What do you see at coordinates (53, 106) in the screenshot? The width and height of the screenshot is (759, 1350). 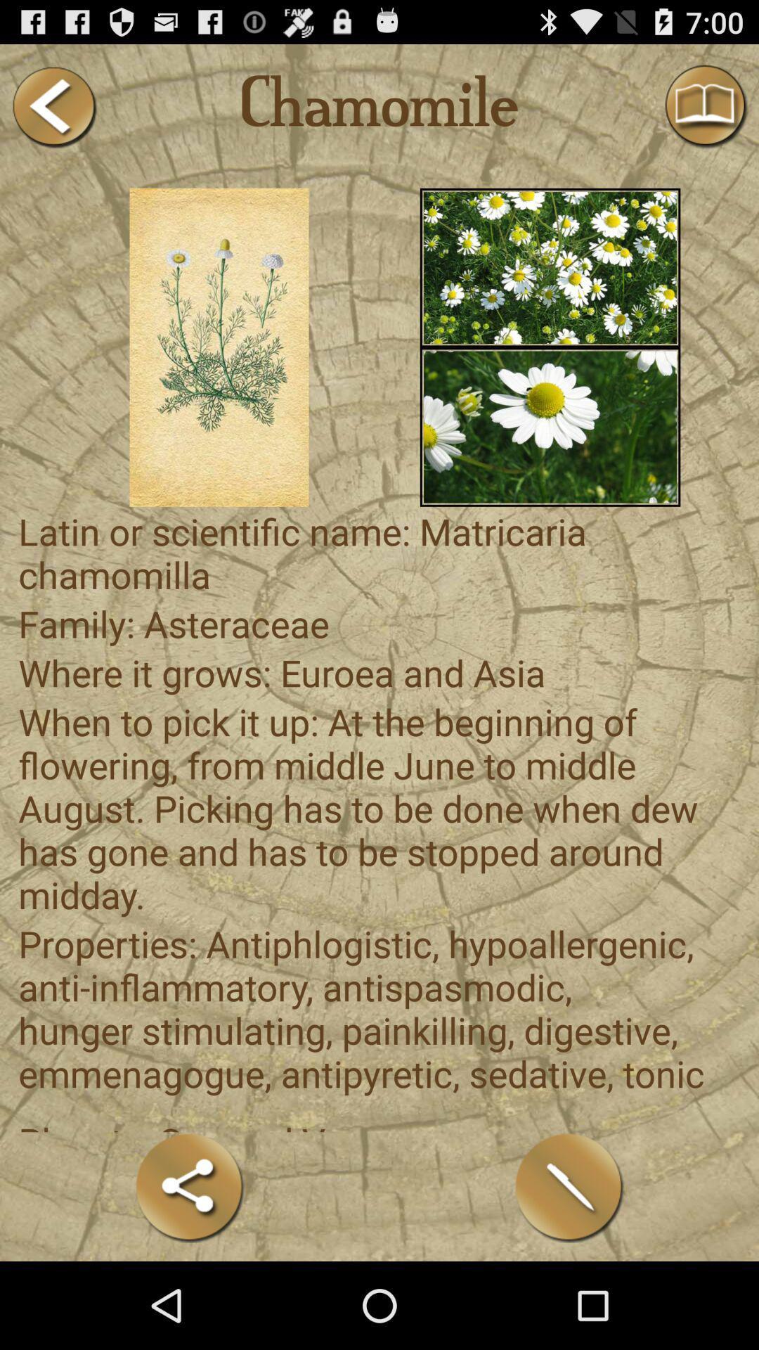 I see `previous` at bounding box center [53, 106].